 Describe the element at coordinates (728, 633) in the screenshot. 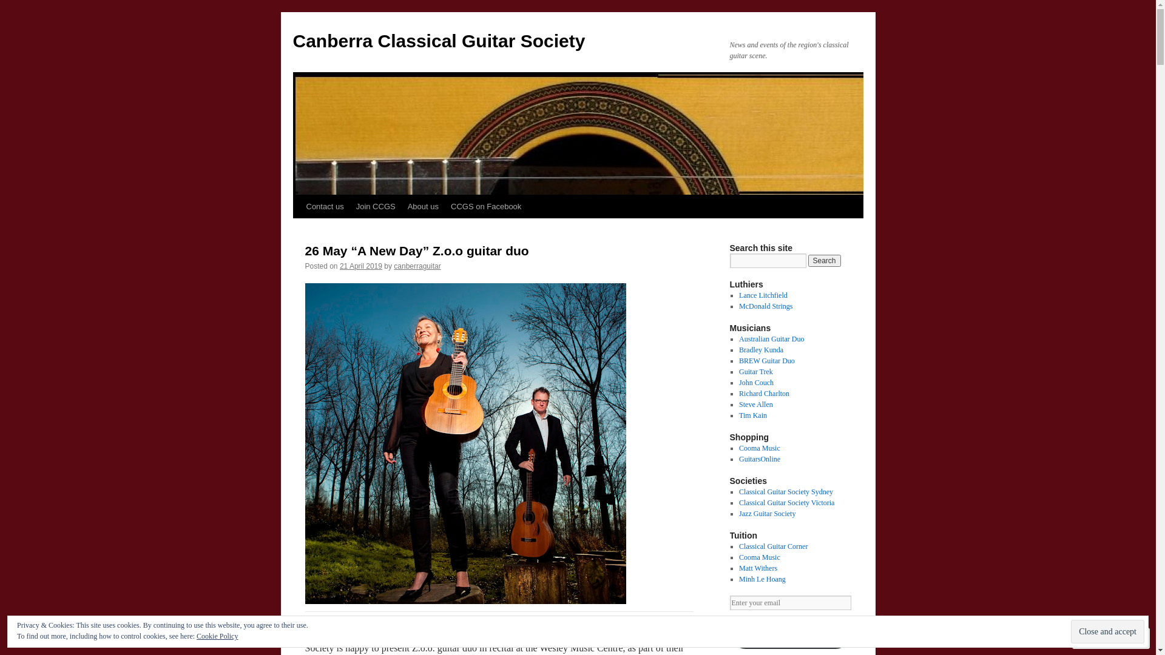

I see `'Guitar Society Newsletter Signup'` at that location.